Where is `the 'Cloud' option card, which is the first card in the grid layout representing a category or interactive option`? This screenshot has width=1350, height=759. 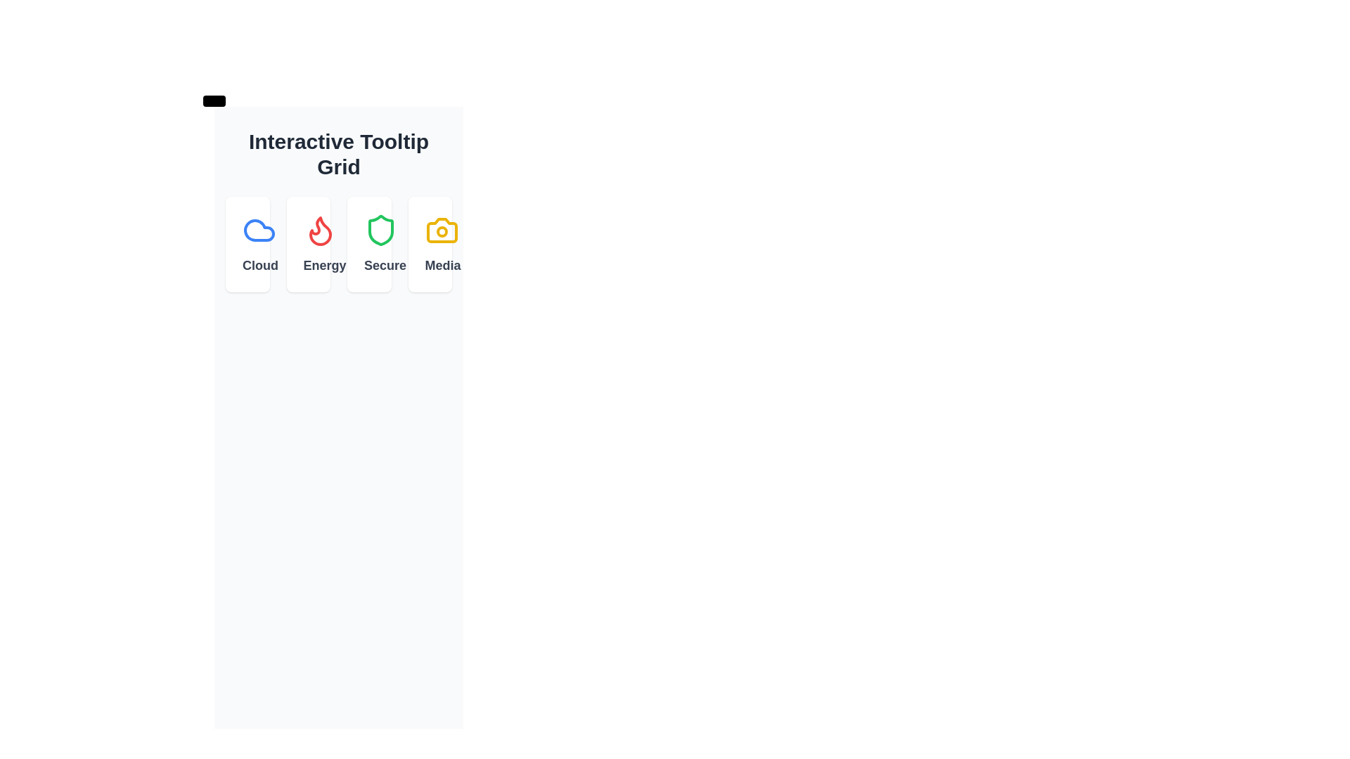 the 'Cloud' option card, which is the first card in the grid layout representing a category or interactive option is located at coordinates (247, 243).